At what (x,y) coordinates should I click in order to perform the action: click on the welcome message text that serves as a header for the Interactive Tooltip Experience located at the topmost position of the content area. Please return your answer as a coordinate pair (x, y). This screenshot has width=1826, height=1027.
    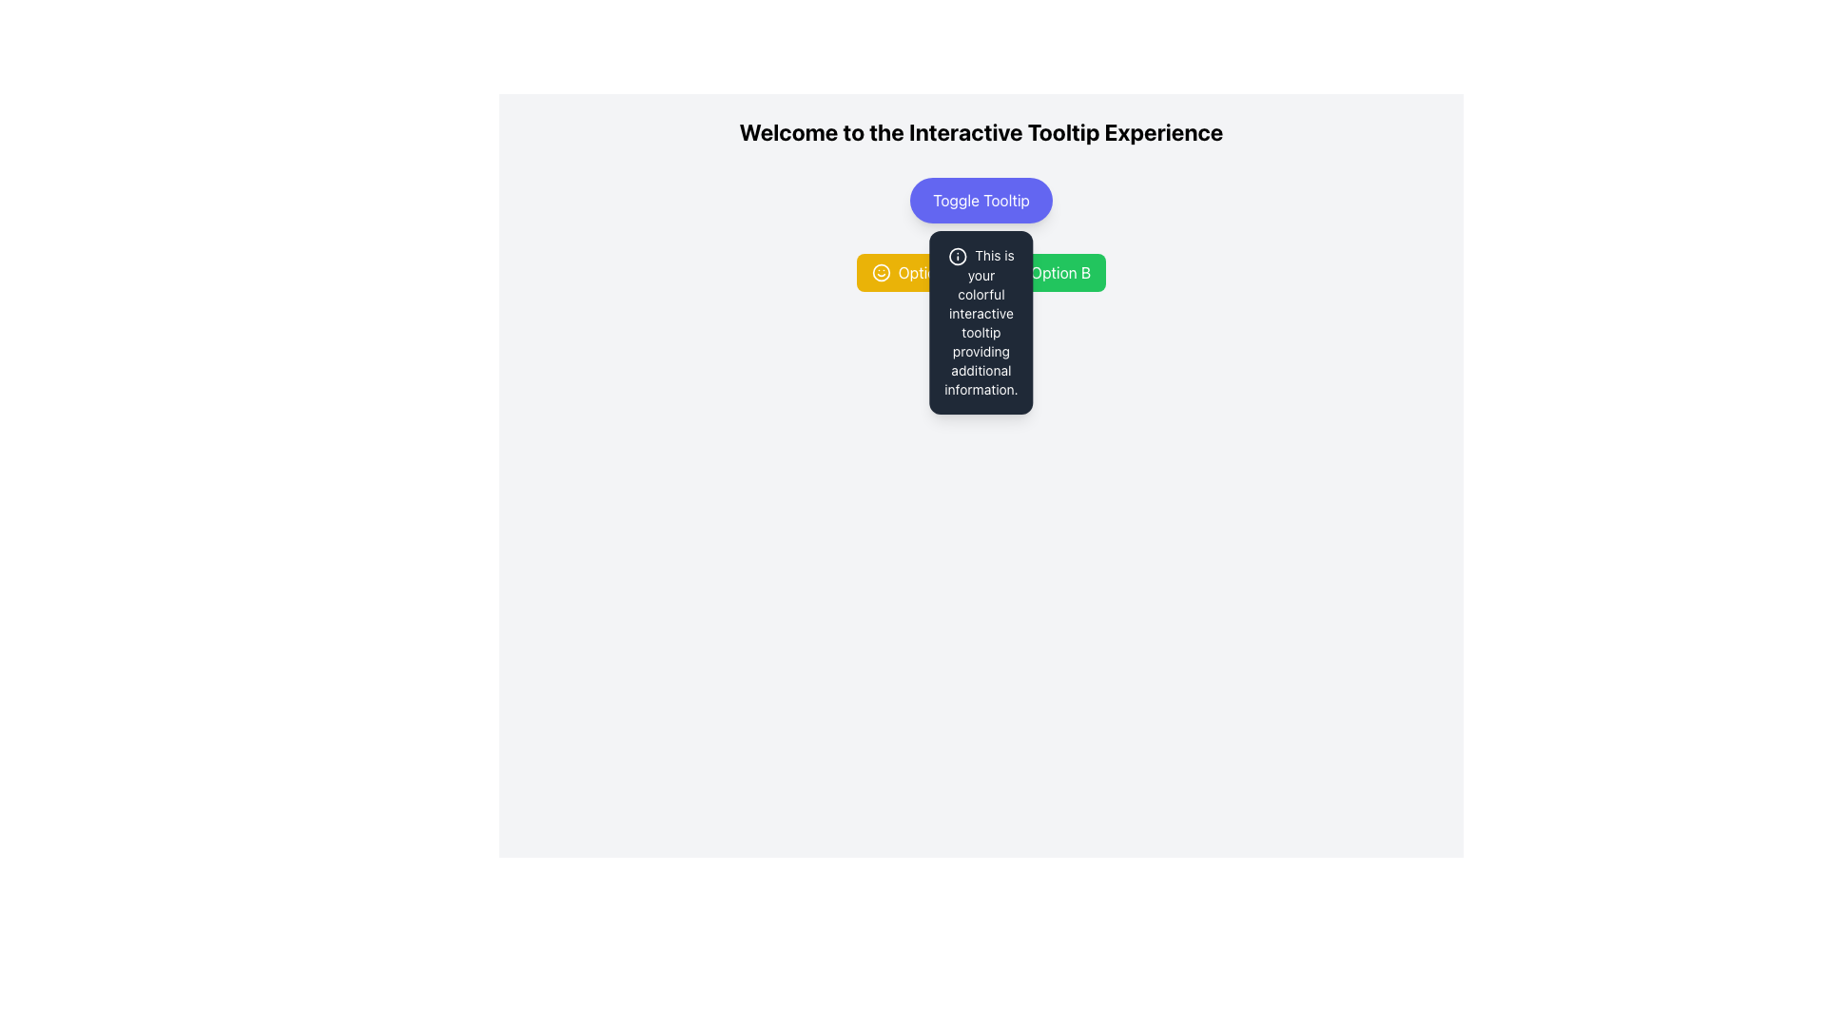
    Looking at the image, I should click on (981, 130).